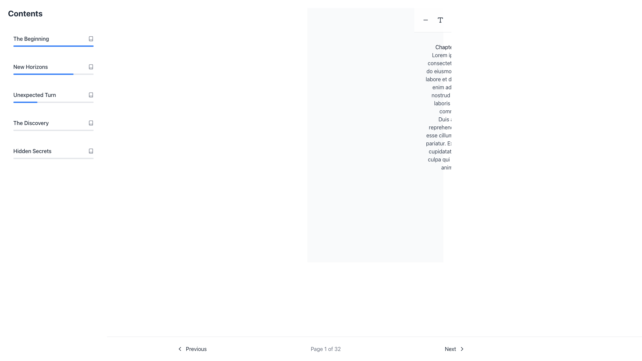 The width and height of the screenshot is (642, 361). What do you see at coordinates (425, 20) in the screenshot?
I see `the subtract icon located in the top-left corner of the main content area, which is part of a rounded button next to a title heading` at bounding box center [425, 20].